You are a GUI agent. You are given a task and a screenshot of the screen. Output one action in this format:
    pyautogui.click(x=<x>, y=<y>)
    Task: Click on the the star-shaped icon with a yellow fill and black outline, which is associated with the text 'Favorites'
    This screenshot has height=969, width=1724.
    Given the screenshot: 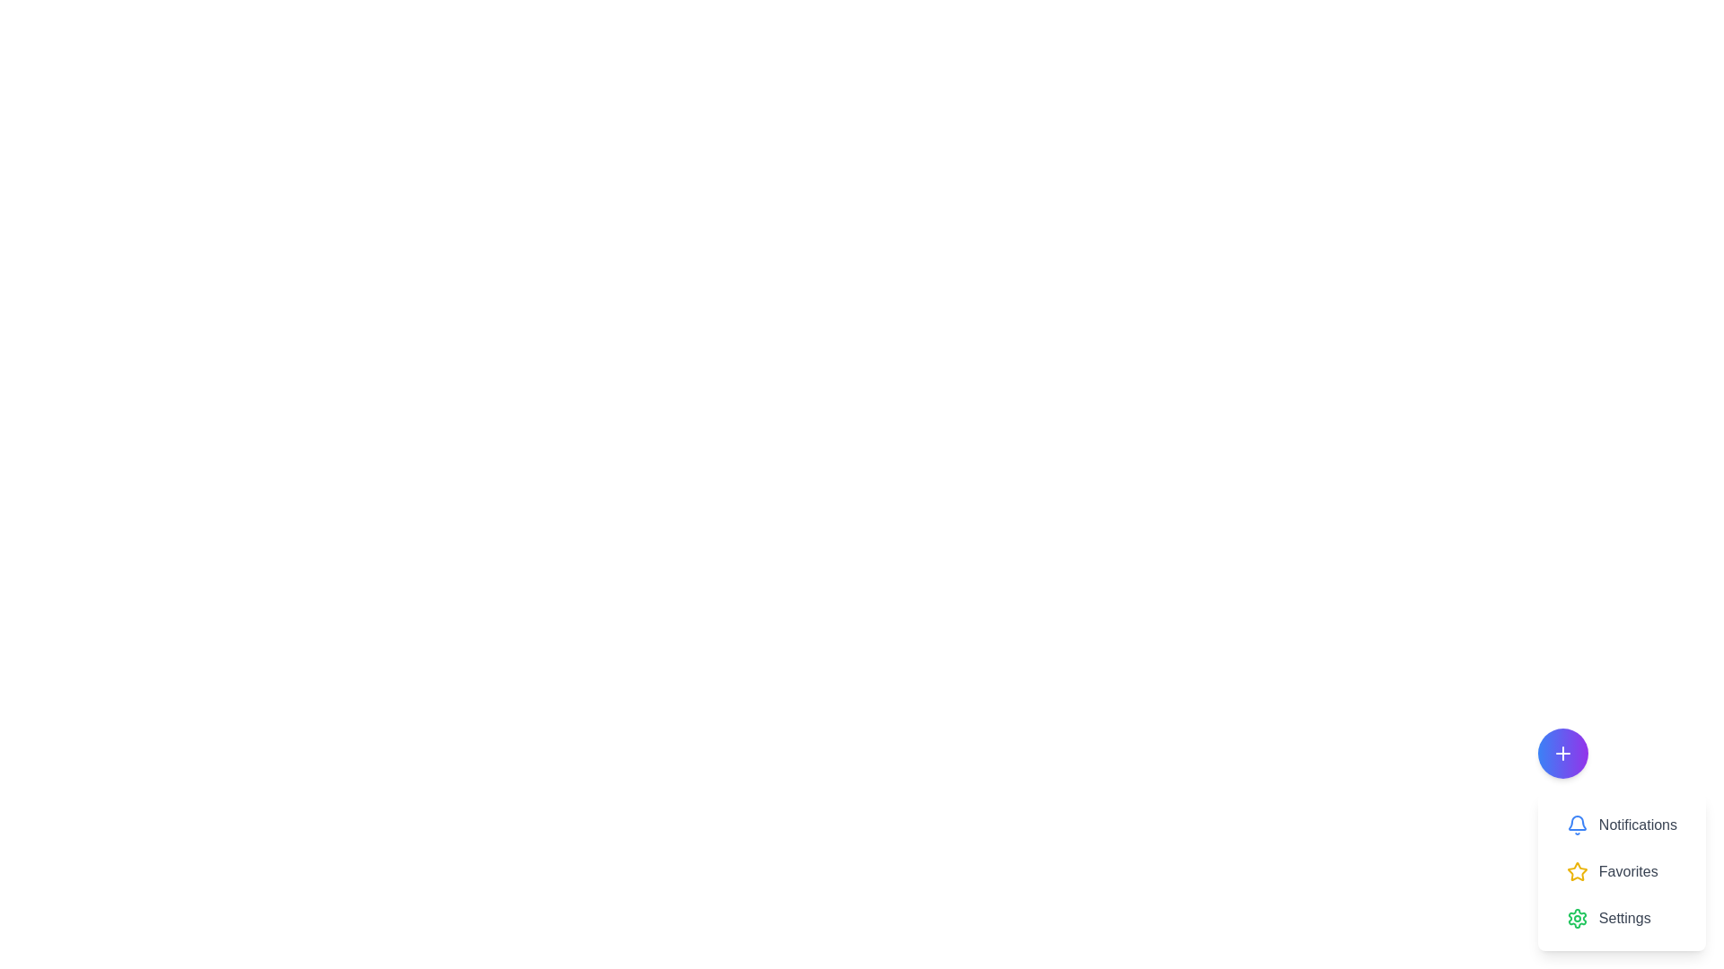 What is the action you would take?
    pyautogui.click(x=1576, y=871)
    